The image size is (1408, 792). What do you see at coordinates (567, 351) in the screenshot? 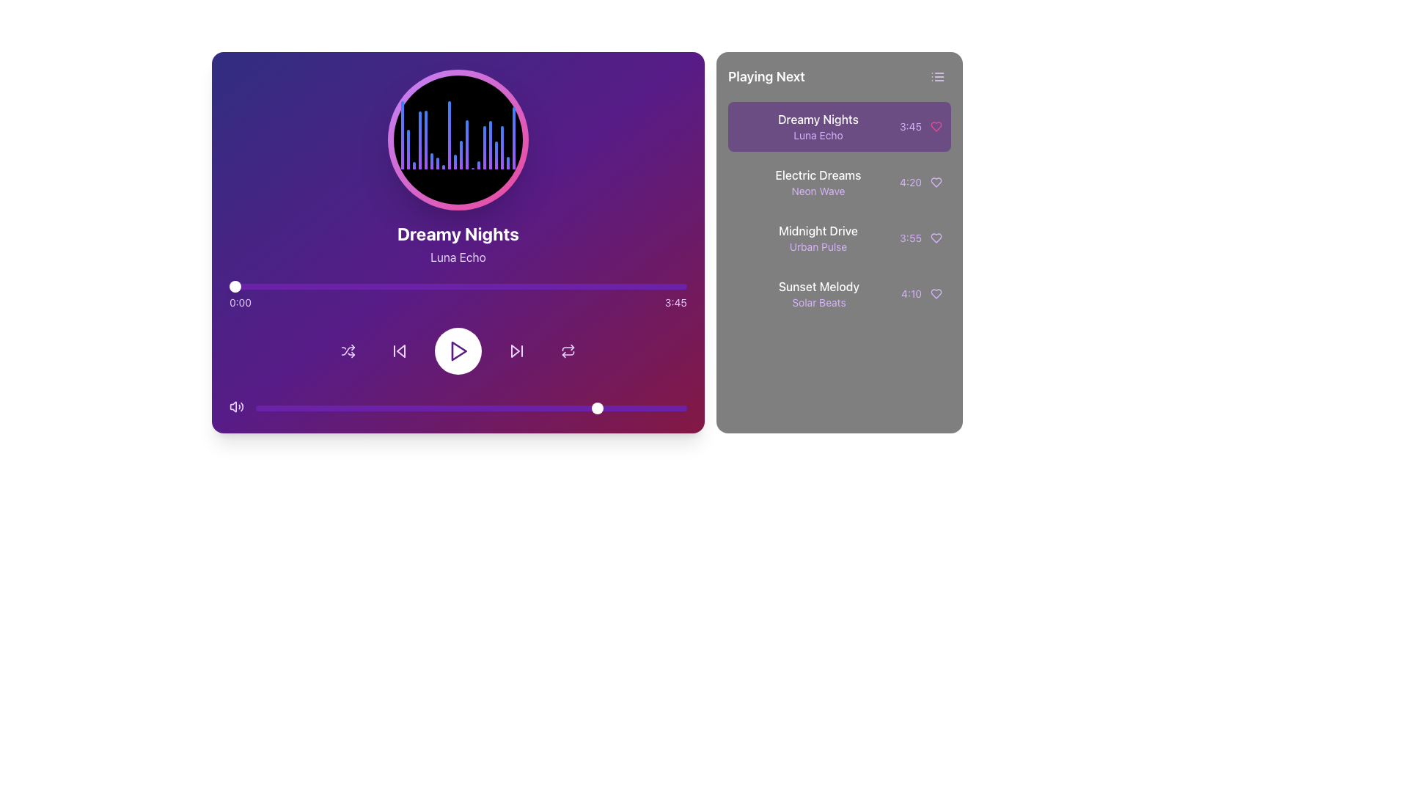
I see `the repeat icon button in the music player` at bounding box center [567, 351].